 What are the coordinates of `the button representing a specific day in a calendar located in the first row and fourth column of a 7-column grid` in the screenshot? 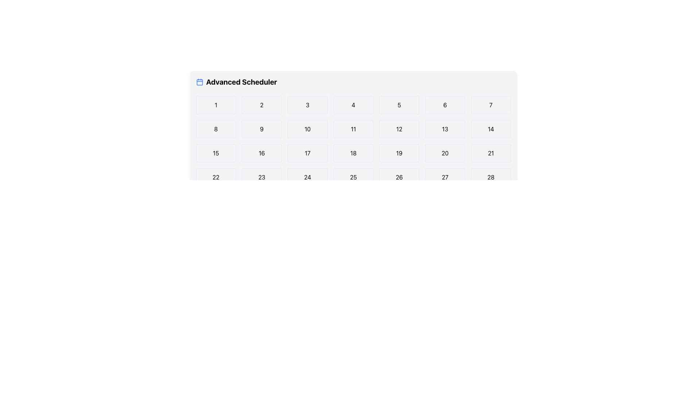 It's located at (353, 105).